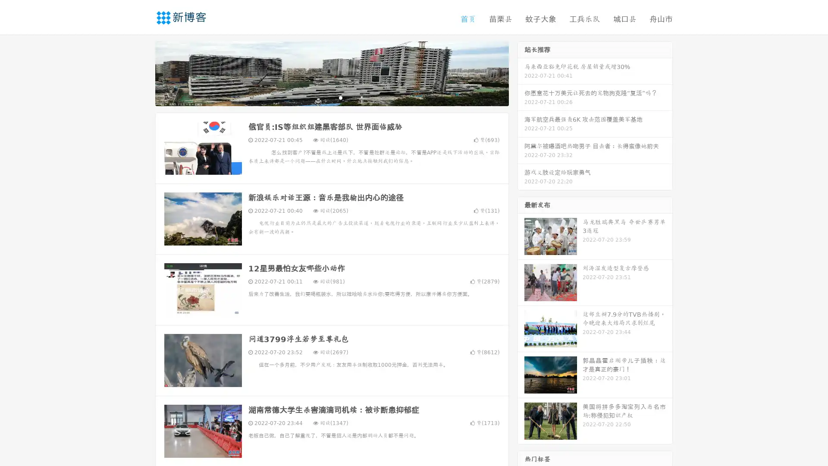 The width and height of the screenshot is (828, 466). What do you see at coordinates (331, 97) in the screenshot?
I see `Go to slide 2` at bounding box center [331, 97].